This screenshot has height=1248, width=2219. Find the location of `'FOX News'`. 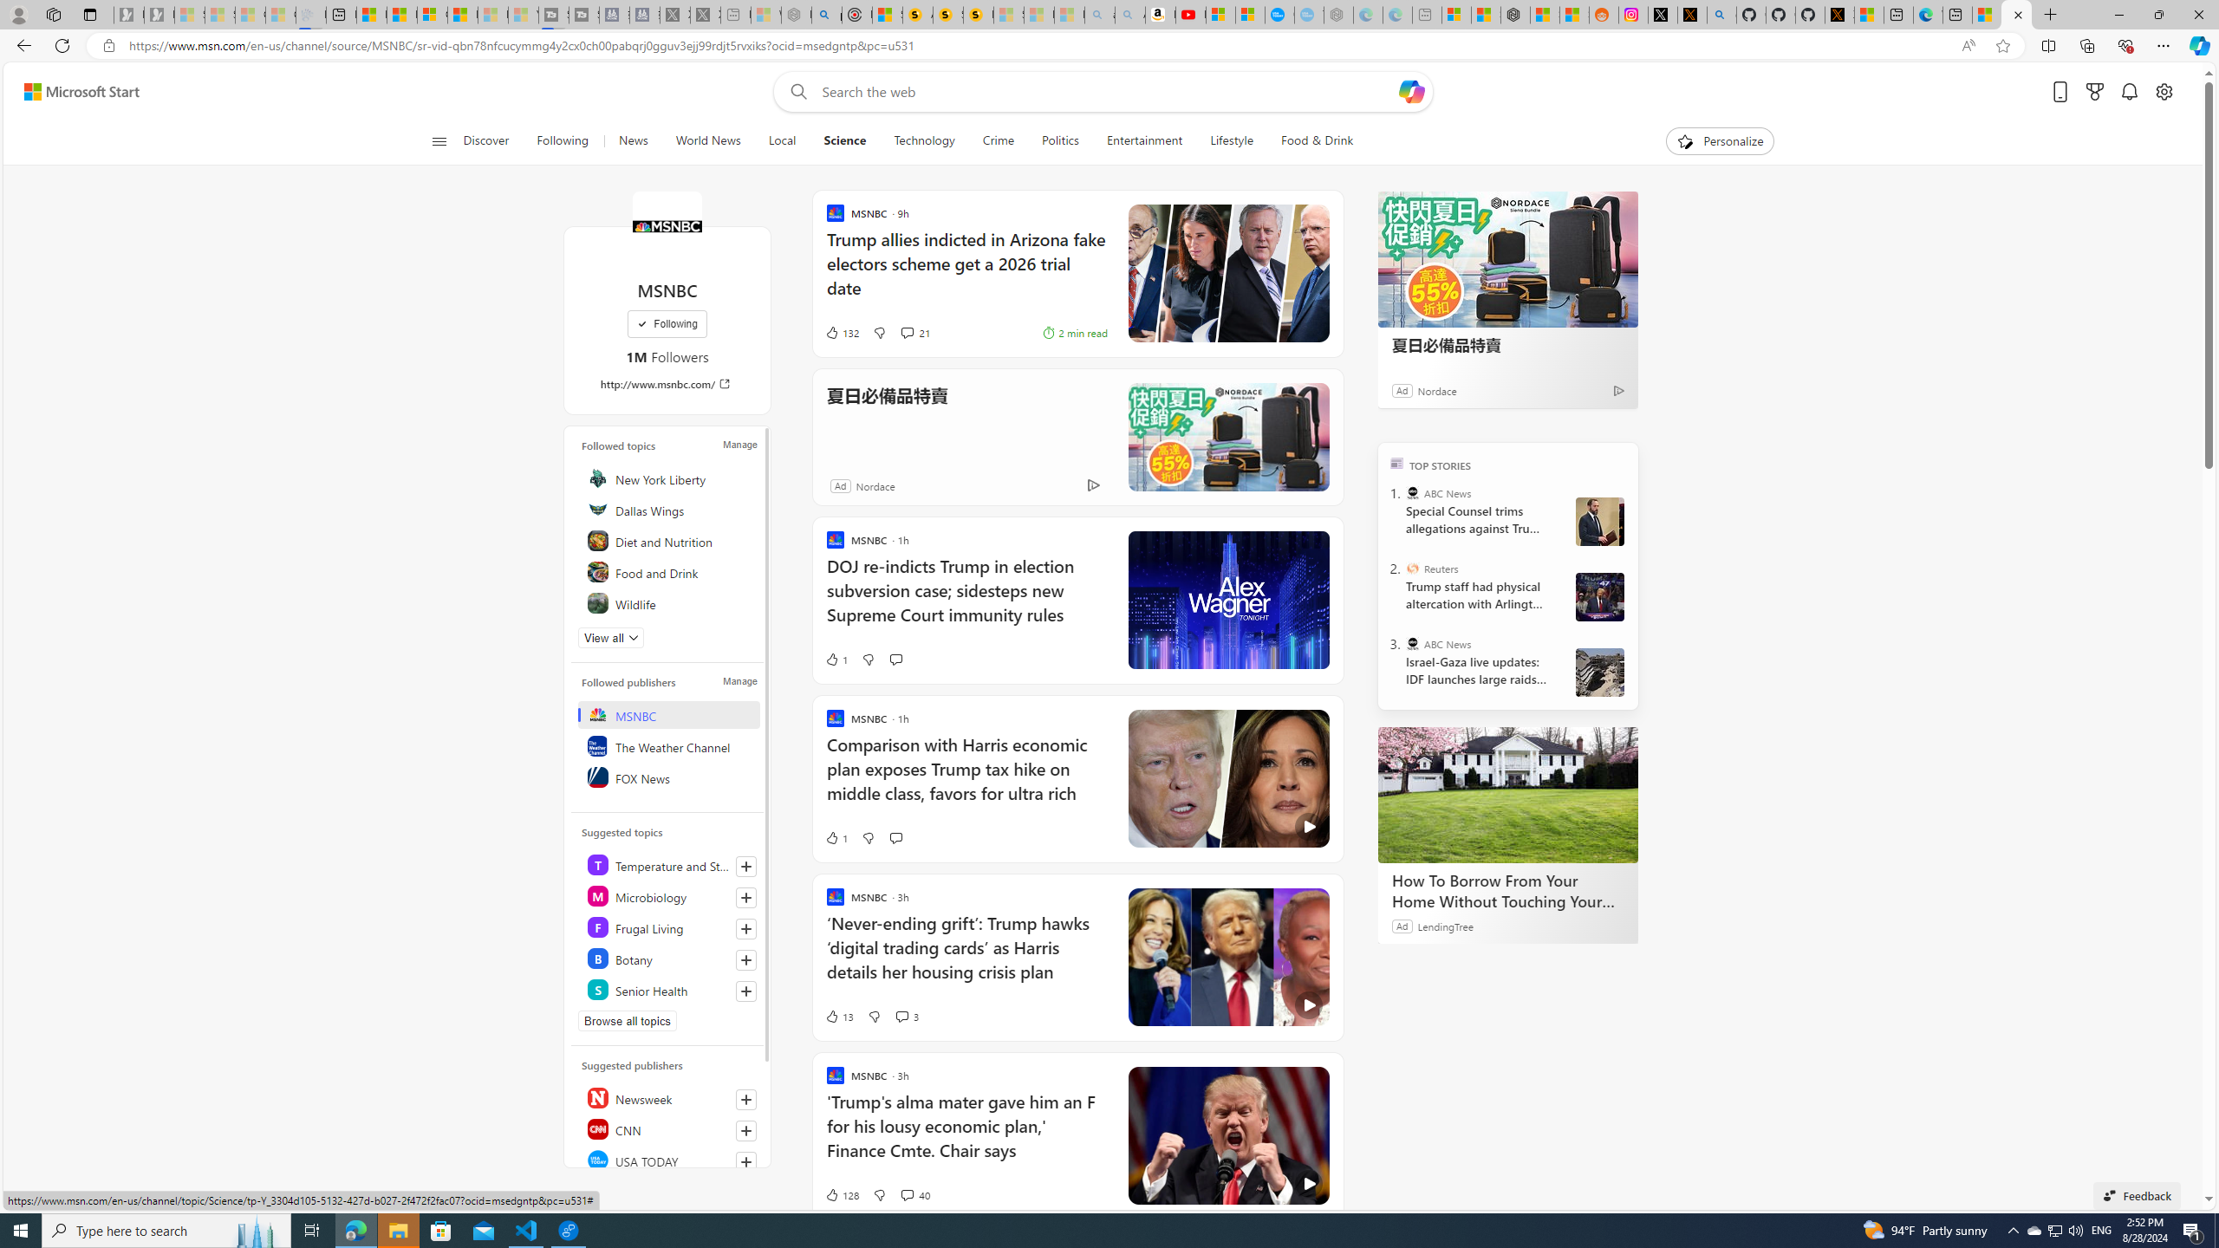

'FOX News' is located at coordinates (670, 777).